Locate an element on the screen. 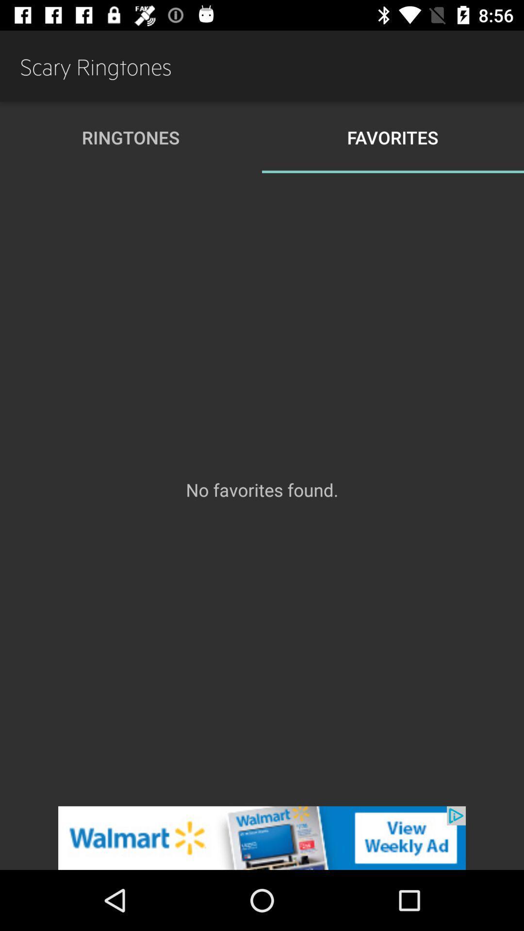  walmart is located at coordinates (262, 837).